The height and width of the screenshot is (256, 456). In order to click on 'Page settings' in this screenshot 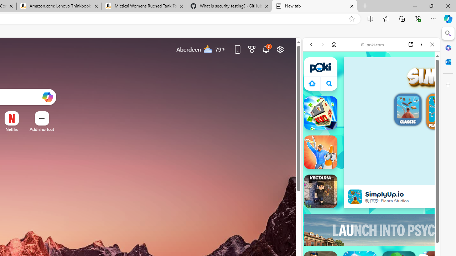, I will do `click(280, 49)`.